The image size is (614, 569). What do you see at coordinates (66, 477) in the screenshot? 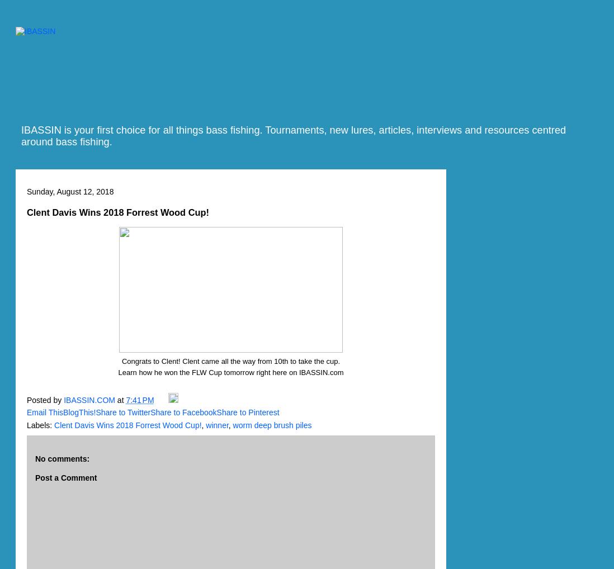
I see `'Post a Comment'` at bounding box center [66, 477].